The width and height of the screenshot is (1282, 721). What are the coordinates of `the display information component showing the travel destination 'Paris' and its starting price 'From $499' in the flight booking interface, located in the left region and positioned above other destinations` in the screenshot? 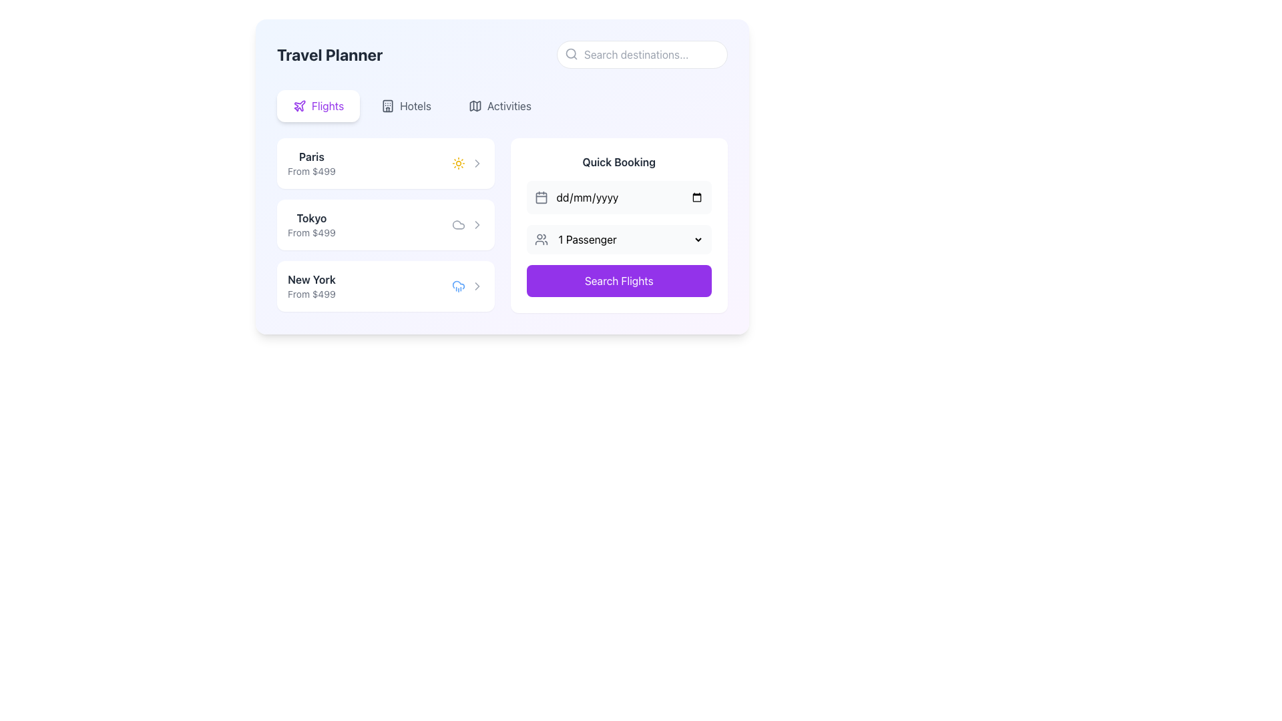 It's located at (310, 163).